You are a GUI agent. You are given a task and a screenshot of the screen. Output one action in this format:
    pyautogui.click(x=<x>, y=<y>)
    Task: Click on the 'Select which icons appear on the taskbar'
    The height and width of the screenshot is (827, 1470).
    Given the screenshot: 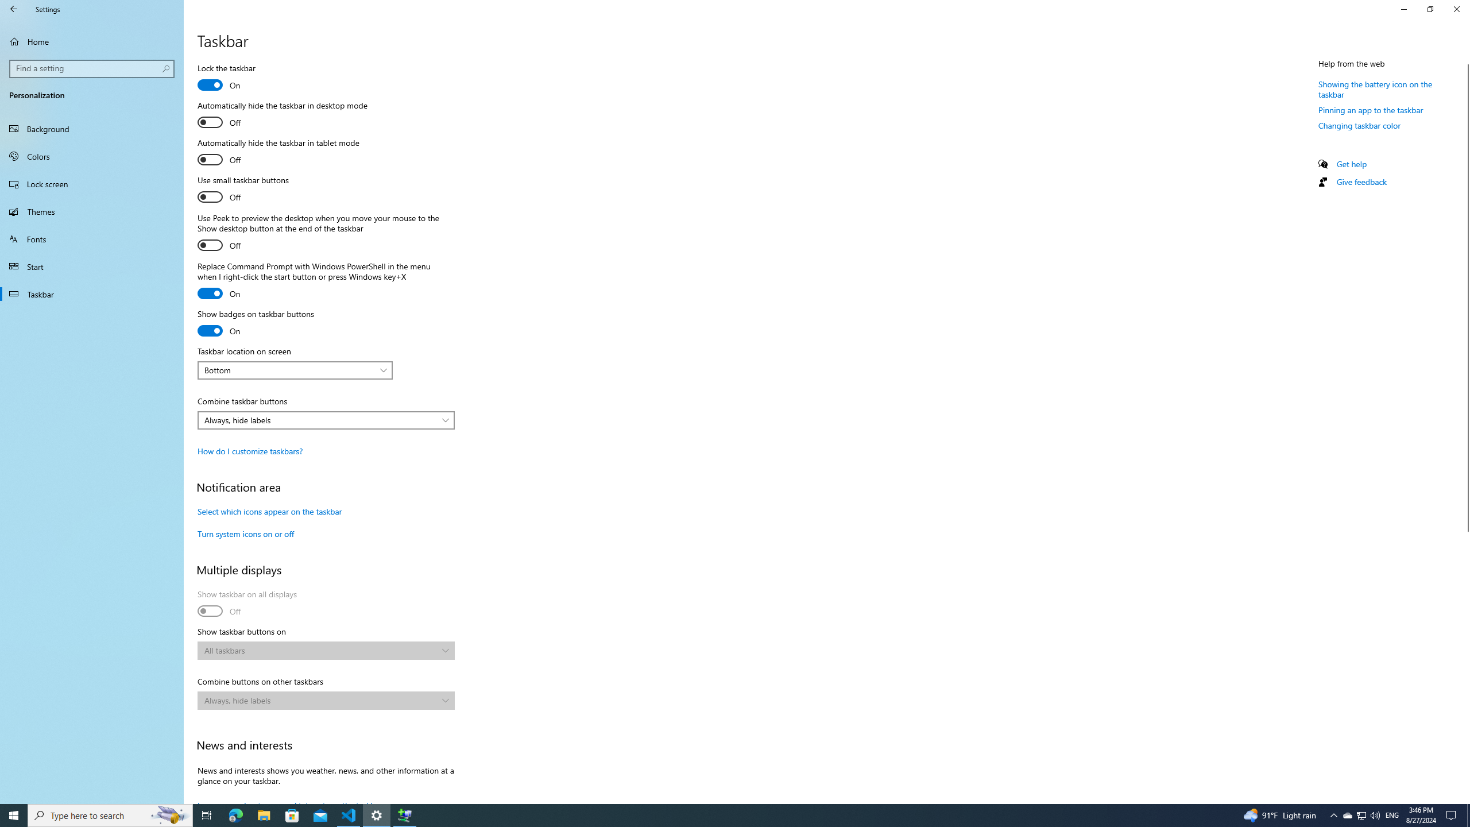 What is the action you would take?
    pyautogui.click(x=269, y=511)
    